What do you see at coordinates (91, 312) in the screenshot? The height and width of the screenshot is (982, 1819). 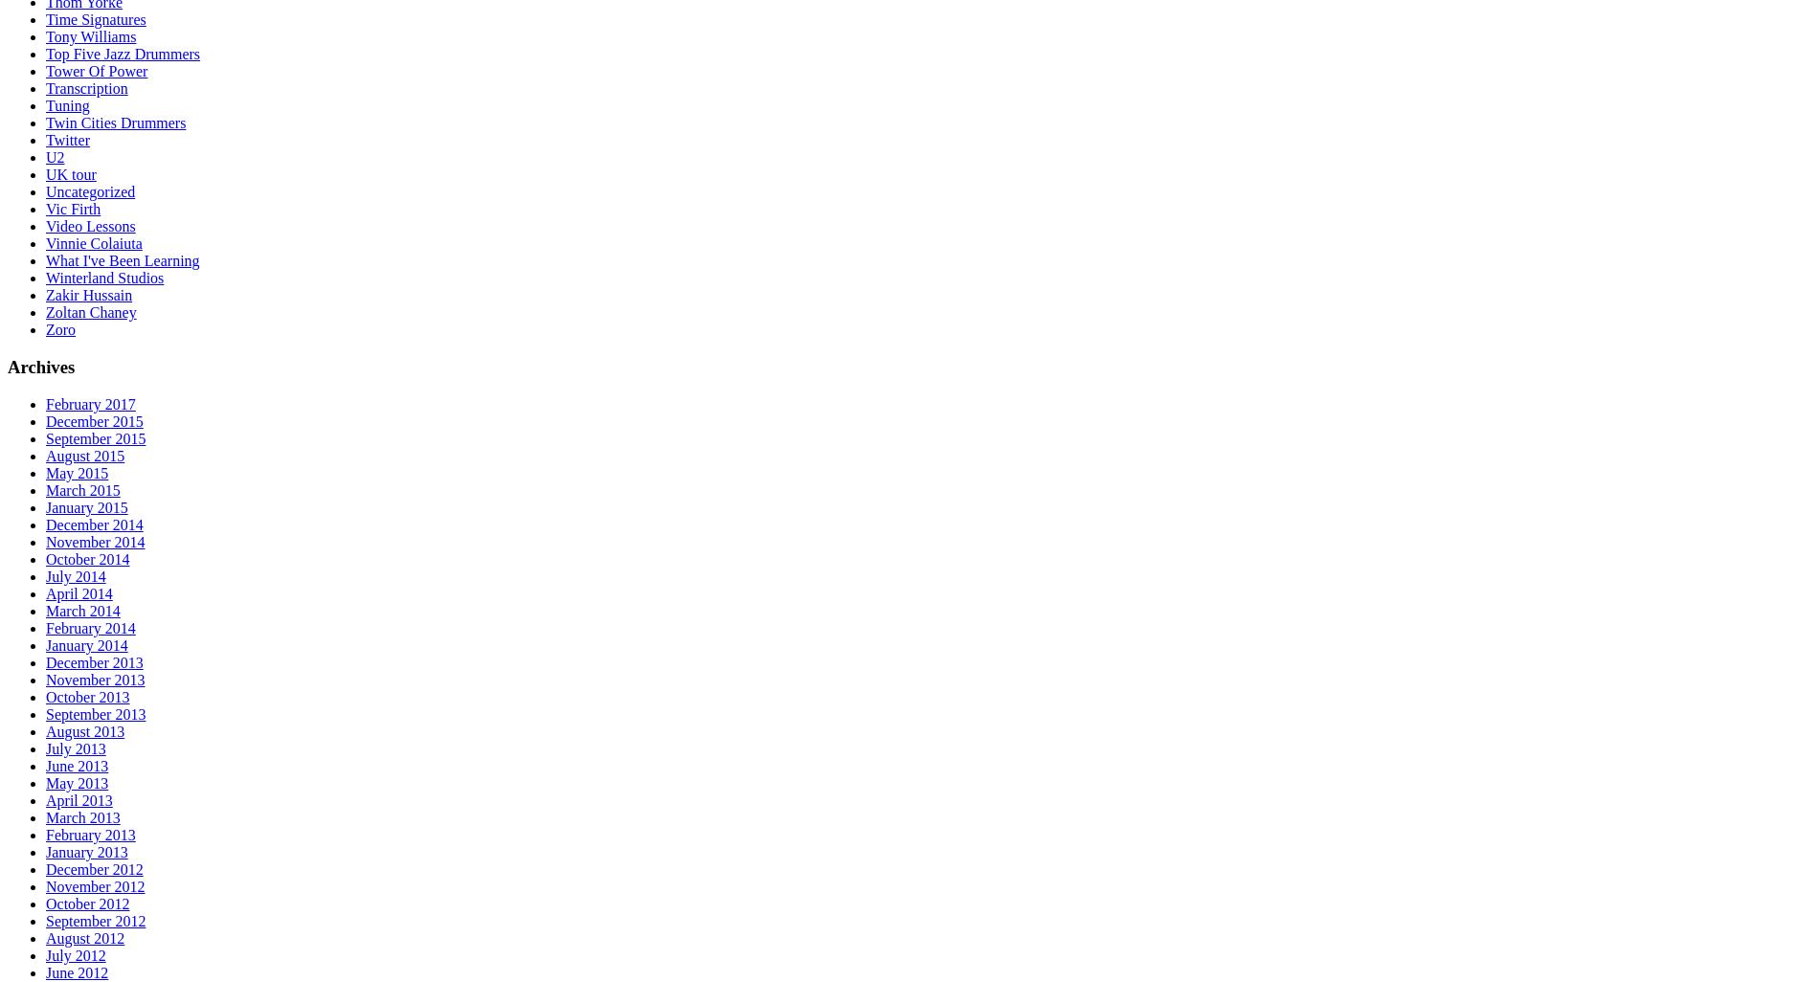 I see `'Zoltan Chaney'` at bounding box center [91, 312].